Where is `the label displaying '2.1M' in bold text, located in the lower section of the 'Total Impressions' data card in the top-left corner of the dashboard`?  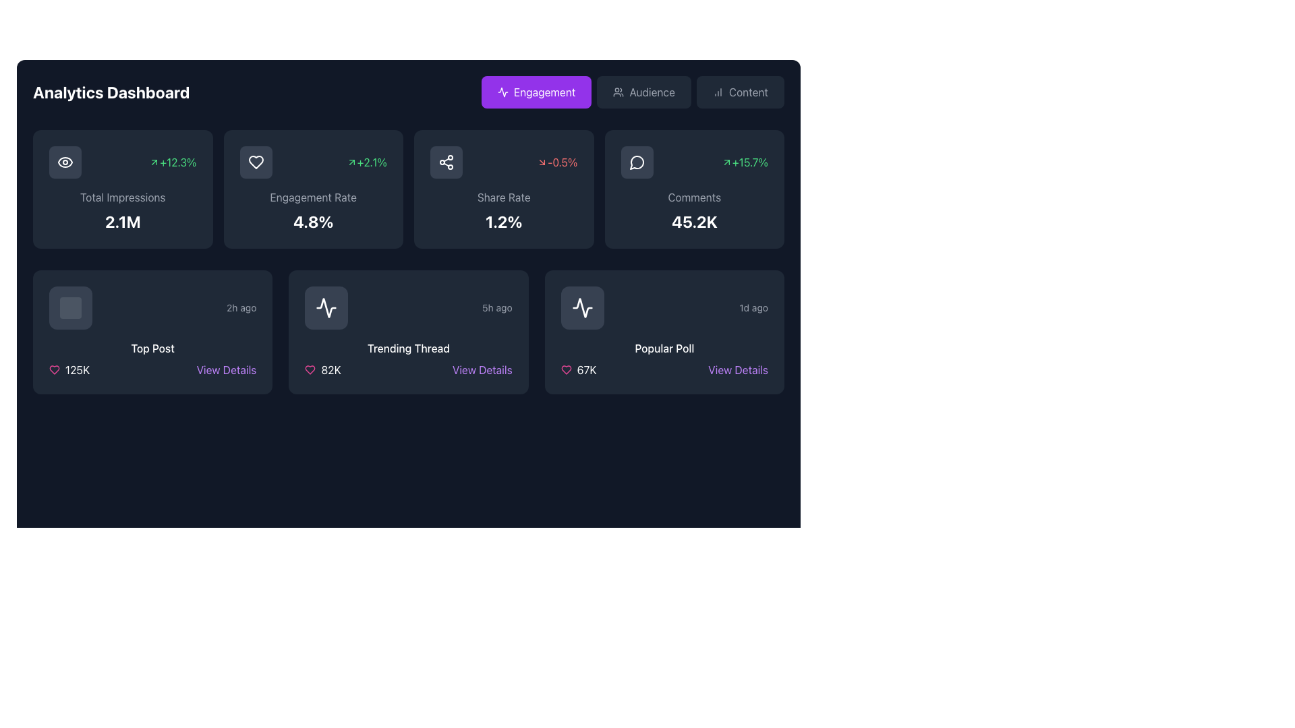
the label displaying '2.1M' in bold text, located in the lower section of the 'Total Impressions' data card in the top-left corner of the dashboard is located at coordinates (123, 220).